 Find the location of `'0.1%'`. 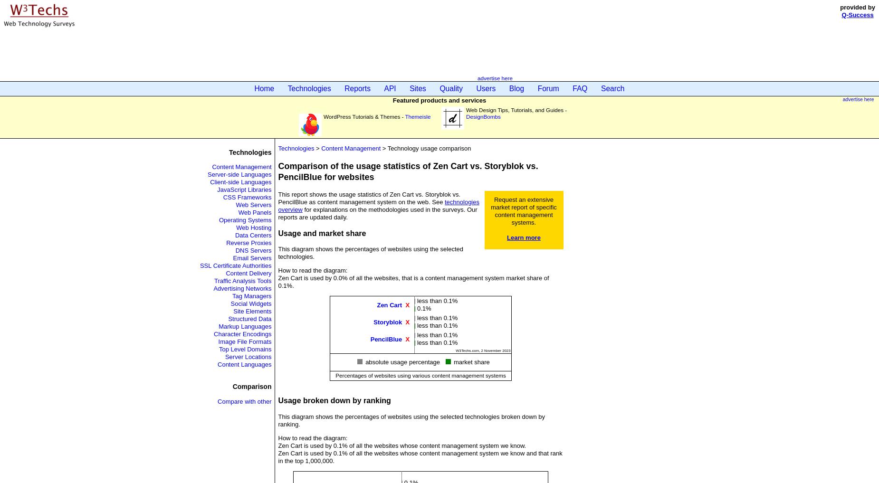

'0.1%' is located at coordinates (424, 308).